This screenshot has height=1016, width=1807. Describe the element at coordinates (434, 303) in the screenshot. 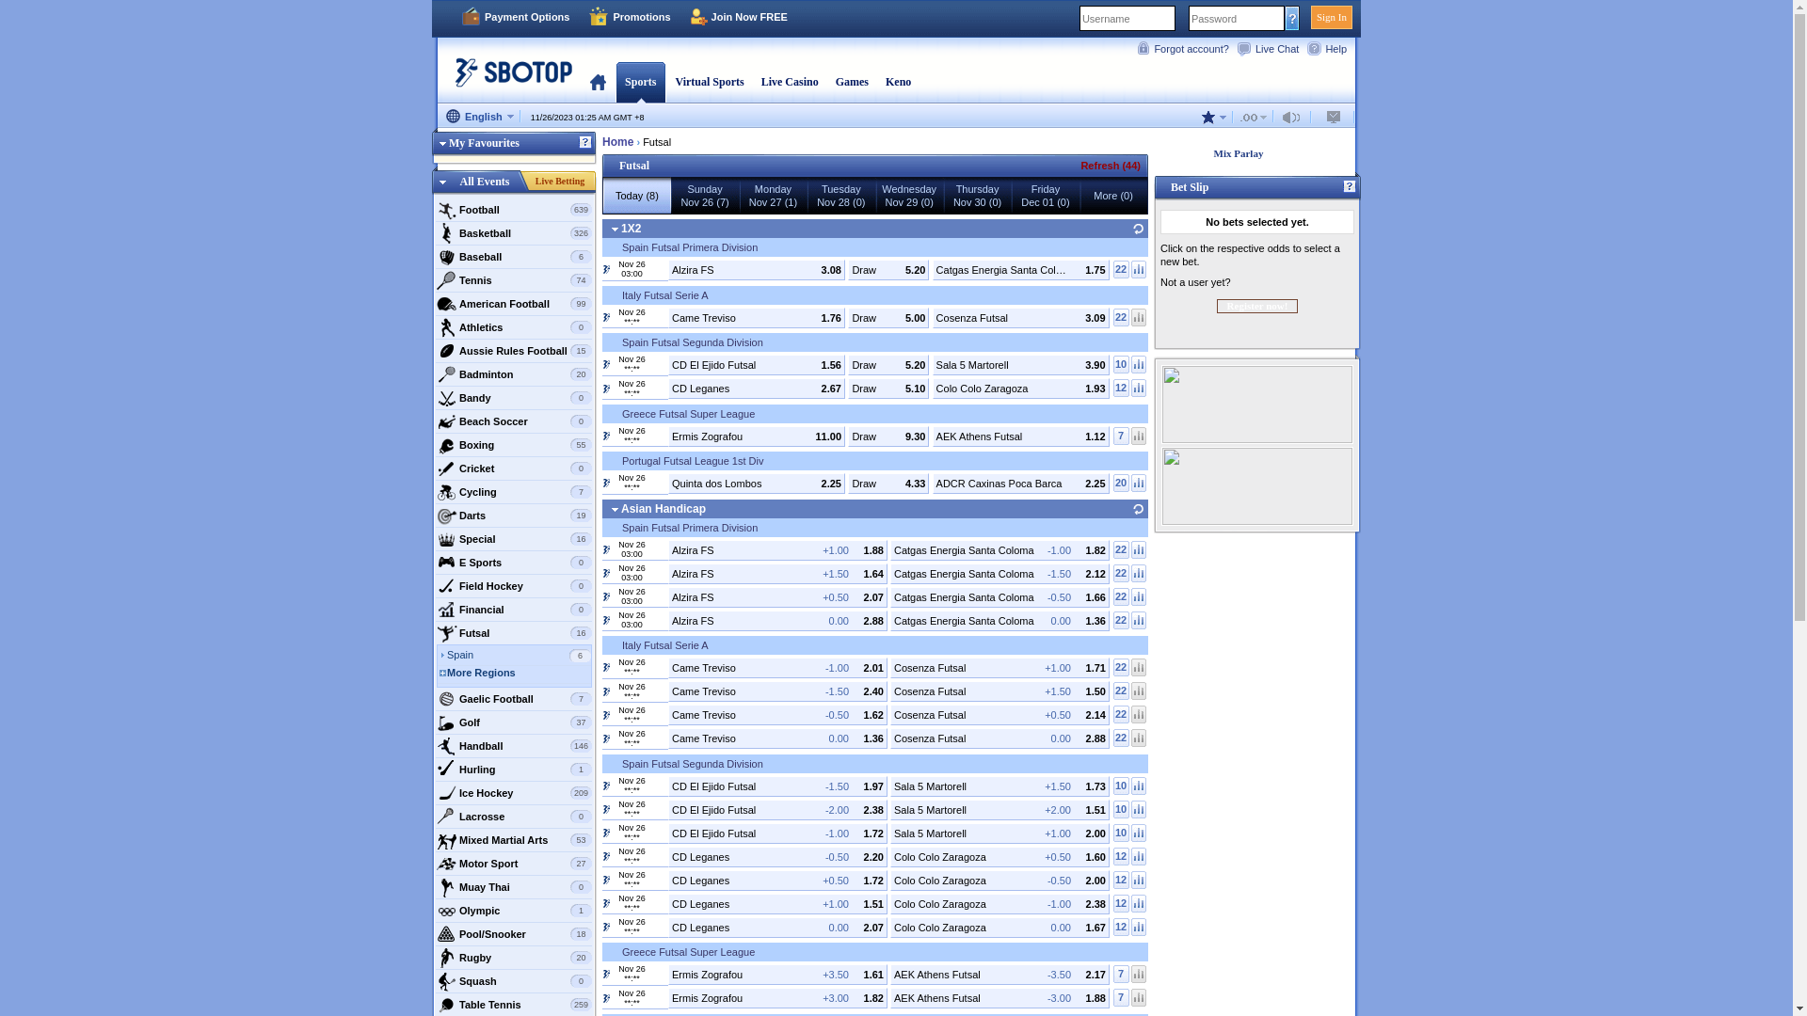

I see `'American Football` at that location.